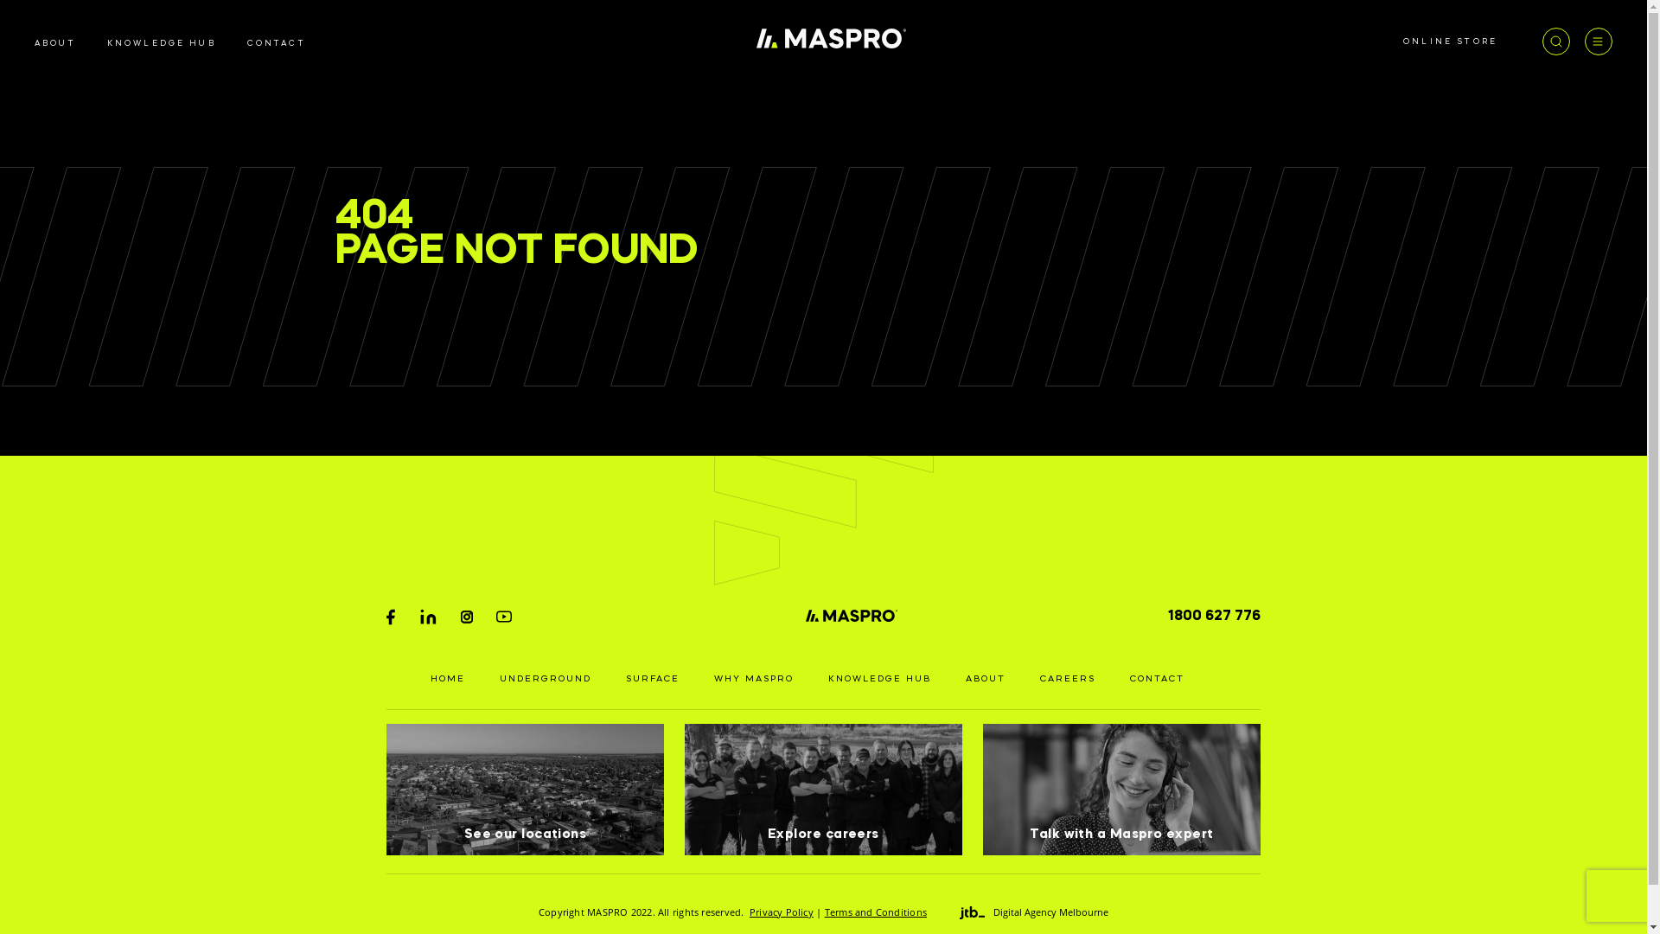 The height and width of the screenshot is (934, 1660). I want to click on 'Digital Agency Melbourne', so click(1033, 912).